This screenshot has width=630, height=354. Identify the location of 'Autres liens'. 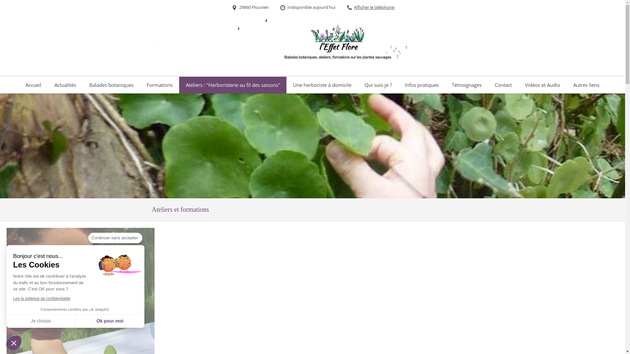
(586, 85).